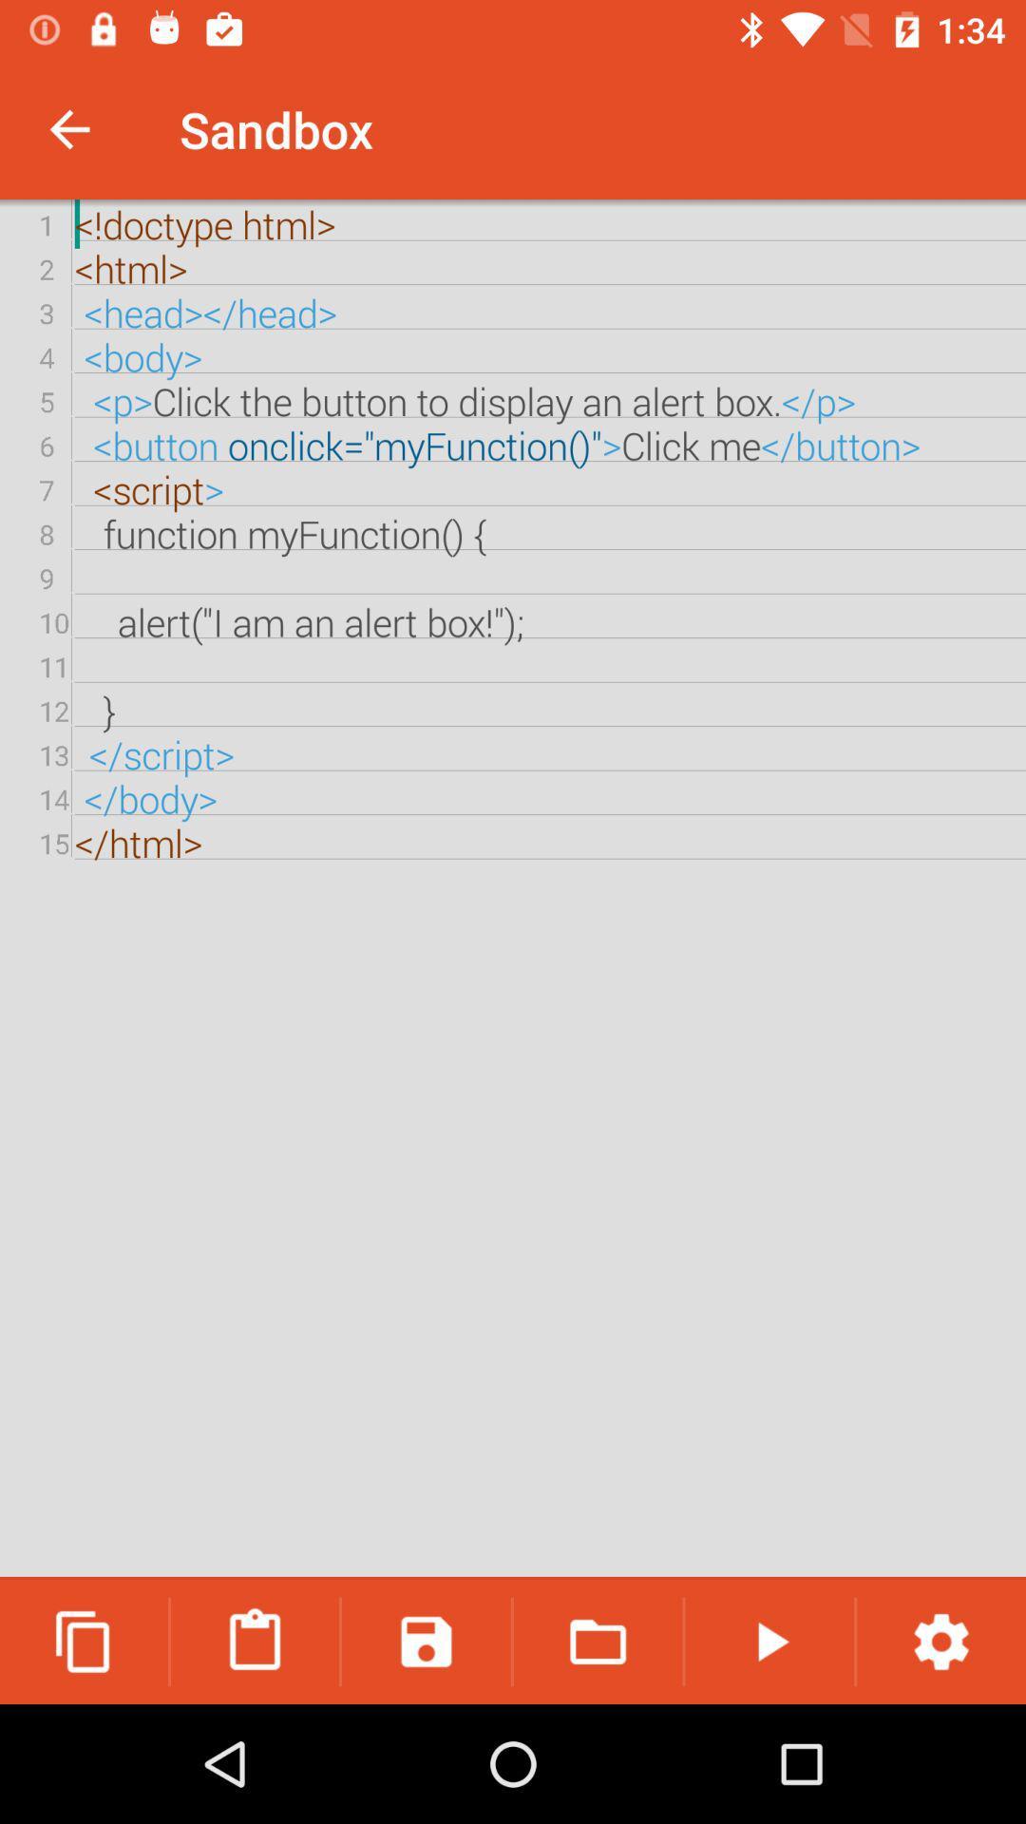 This screenshot has width=1026, height=1824. I want to click on the delete icon, so click(254, 1641).